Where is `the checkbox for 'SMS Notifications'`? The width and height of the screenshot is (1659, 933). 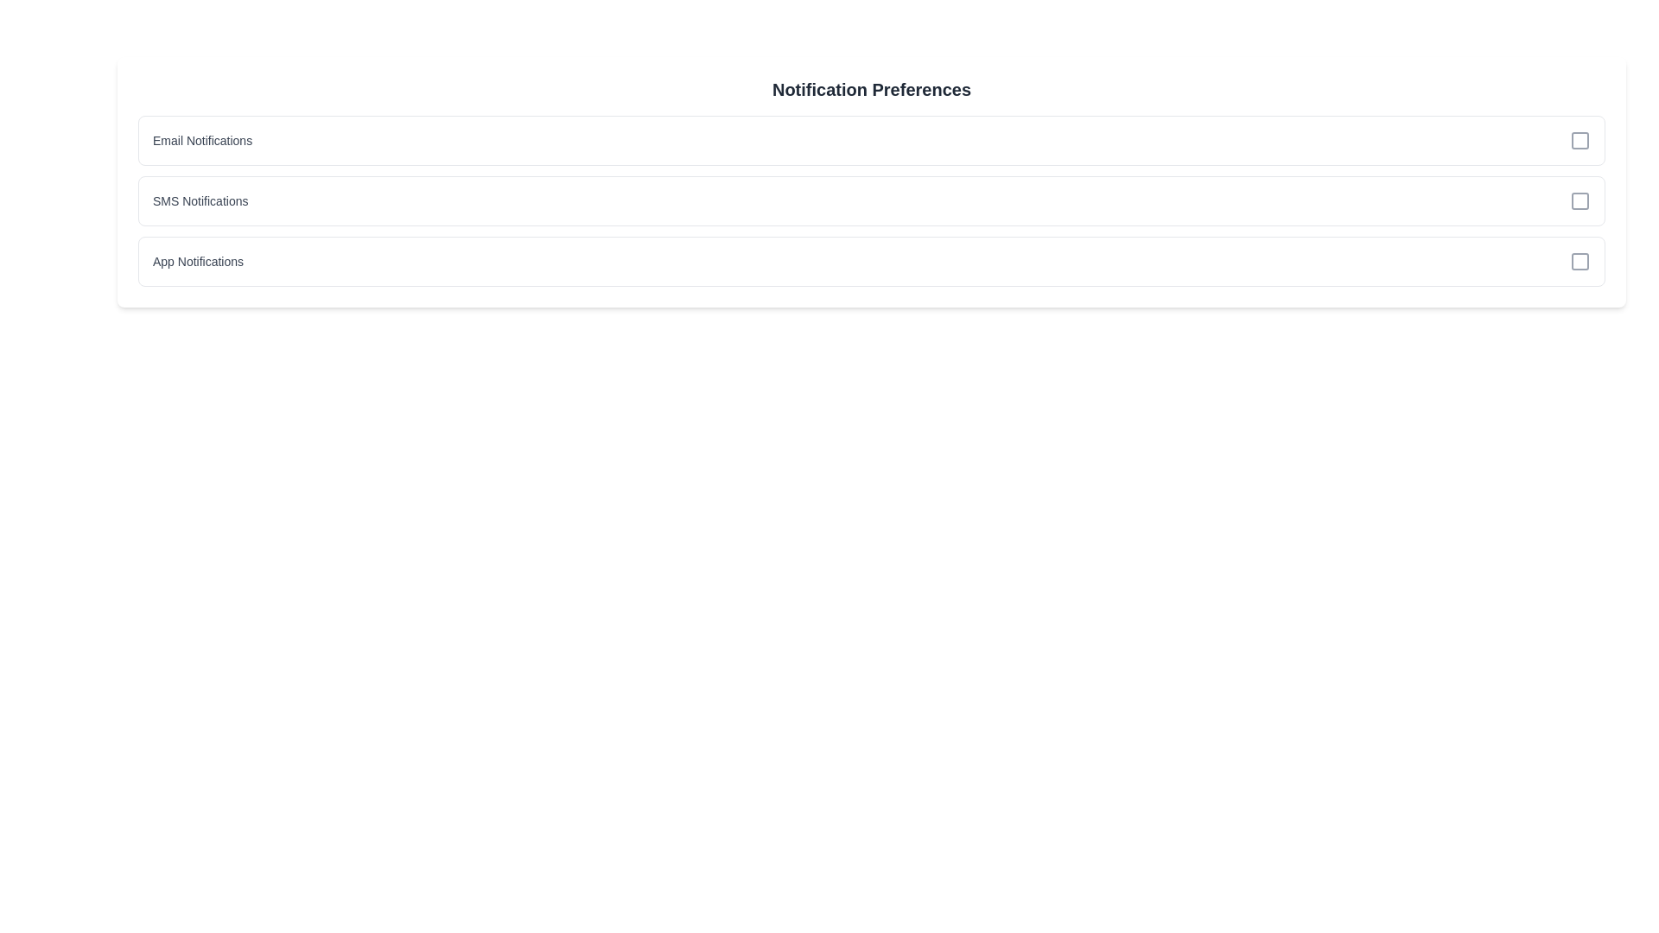
the checkbox for 'SMS Notifications' is located at coordinates (1580, 200).